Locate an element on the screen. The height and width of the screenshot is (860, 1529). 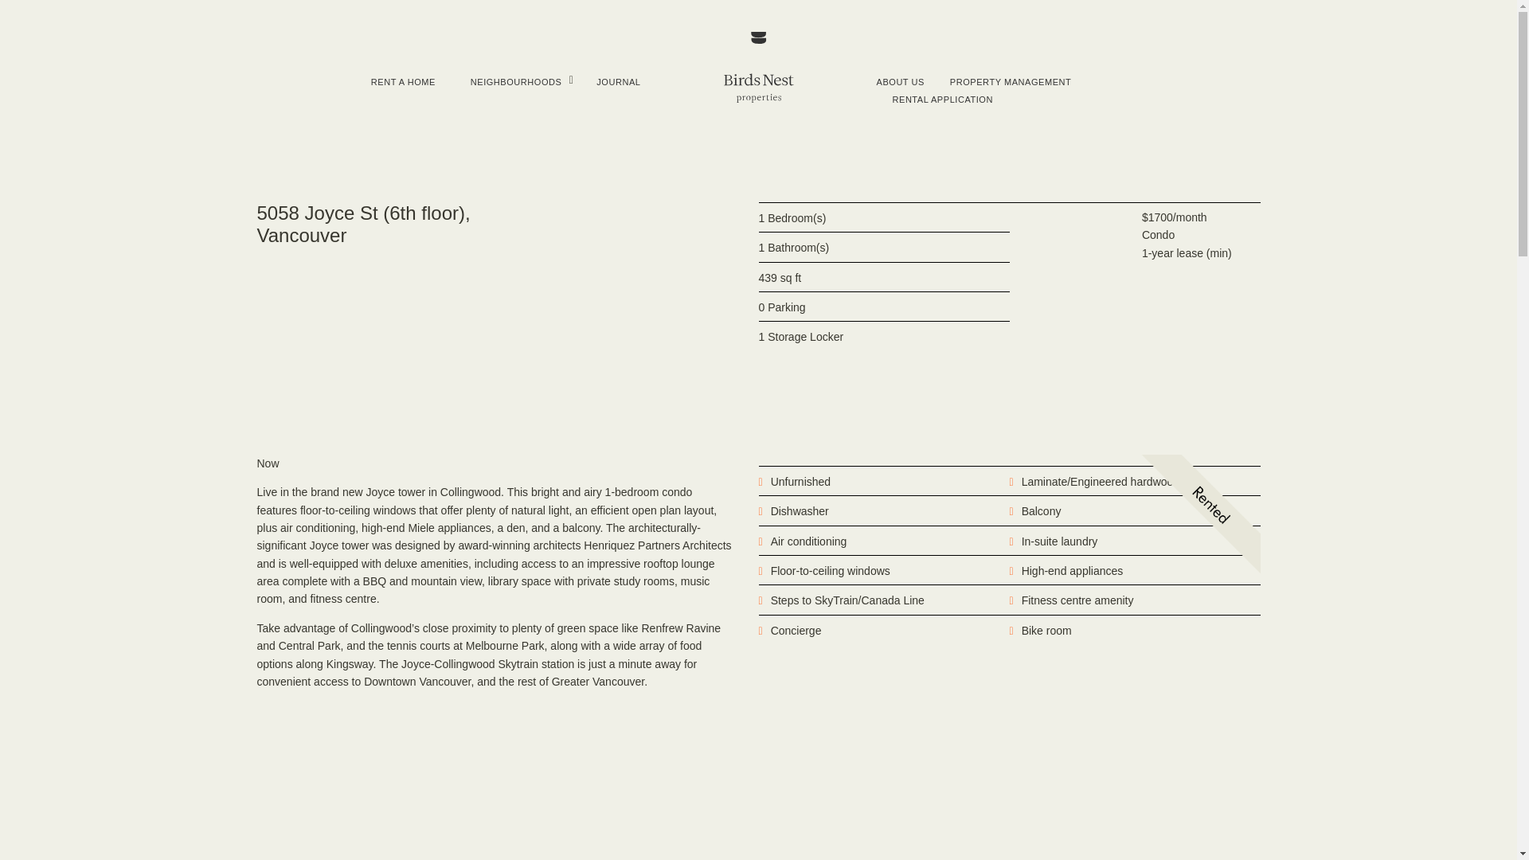
'PROPERTY MANAGEMENT' is located at coordinates (950, 82).